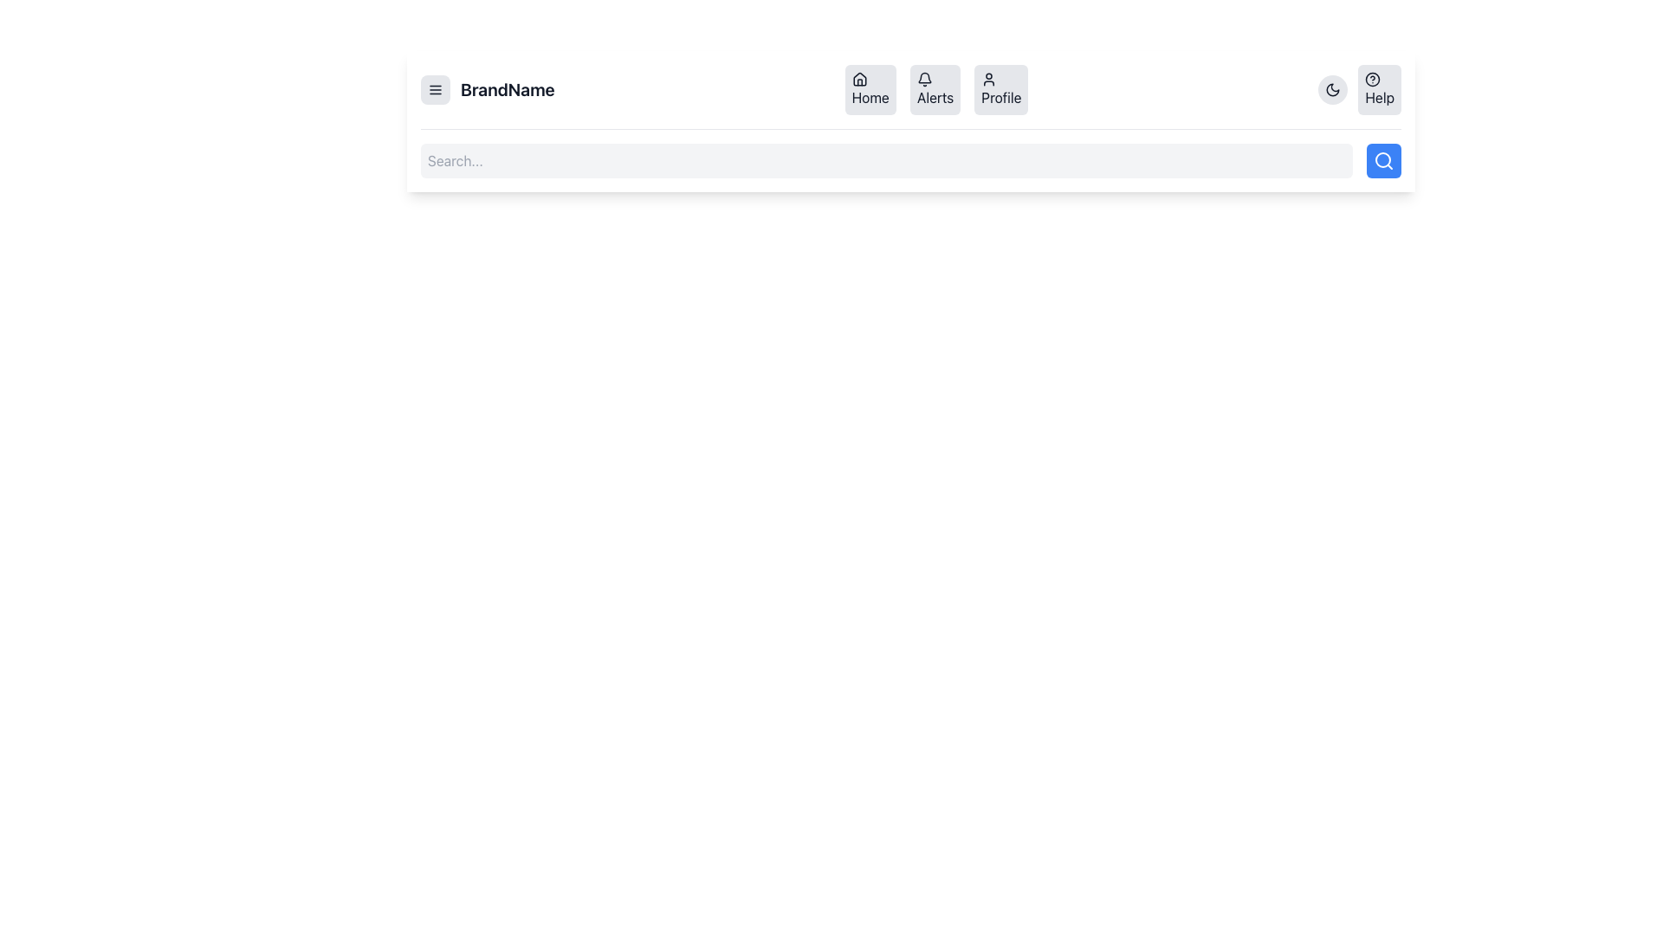 This screenshot has width=1663, height=935. I want to click on the user icon styled with an outline design located within the 'Profile' button, which is the third button in the top-right corner of the interface, so click(989, 80).